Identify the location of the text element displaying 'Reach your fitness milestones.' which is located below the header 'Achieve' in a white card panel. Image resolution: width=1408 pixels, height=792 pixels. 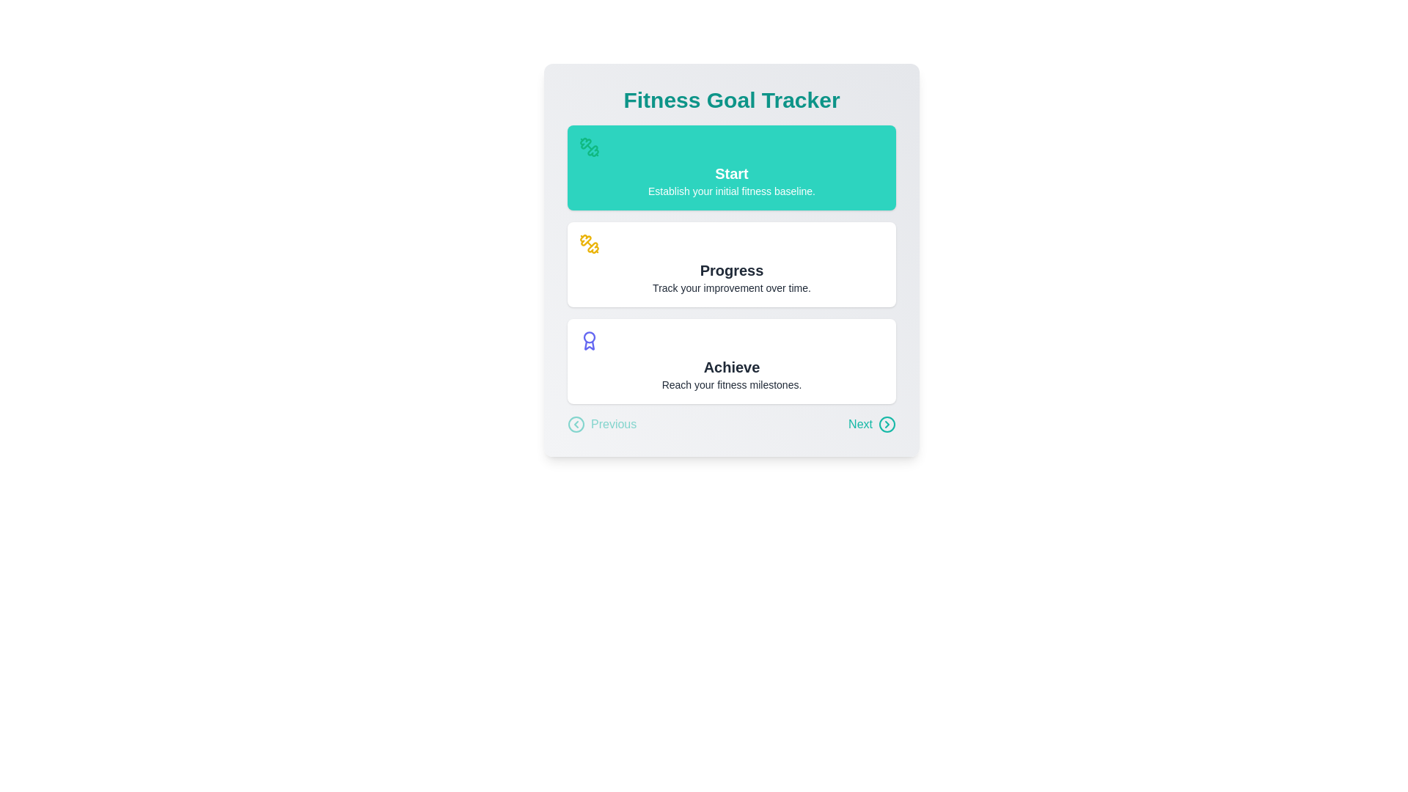
(732, 384).